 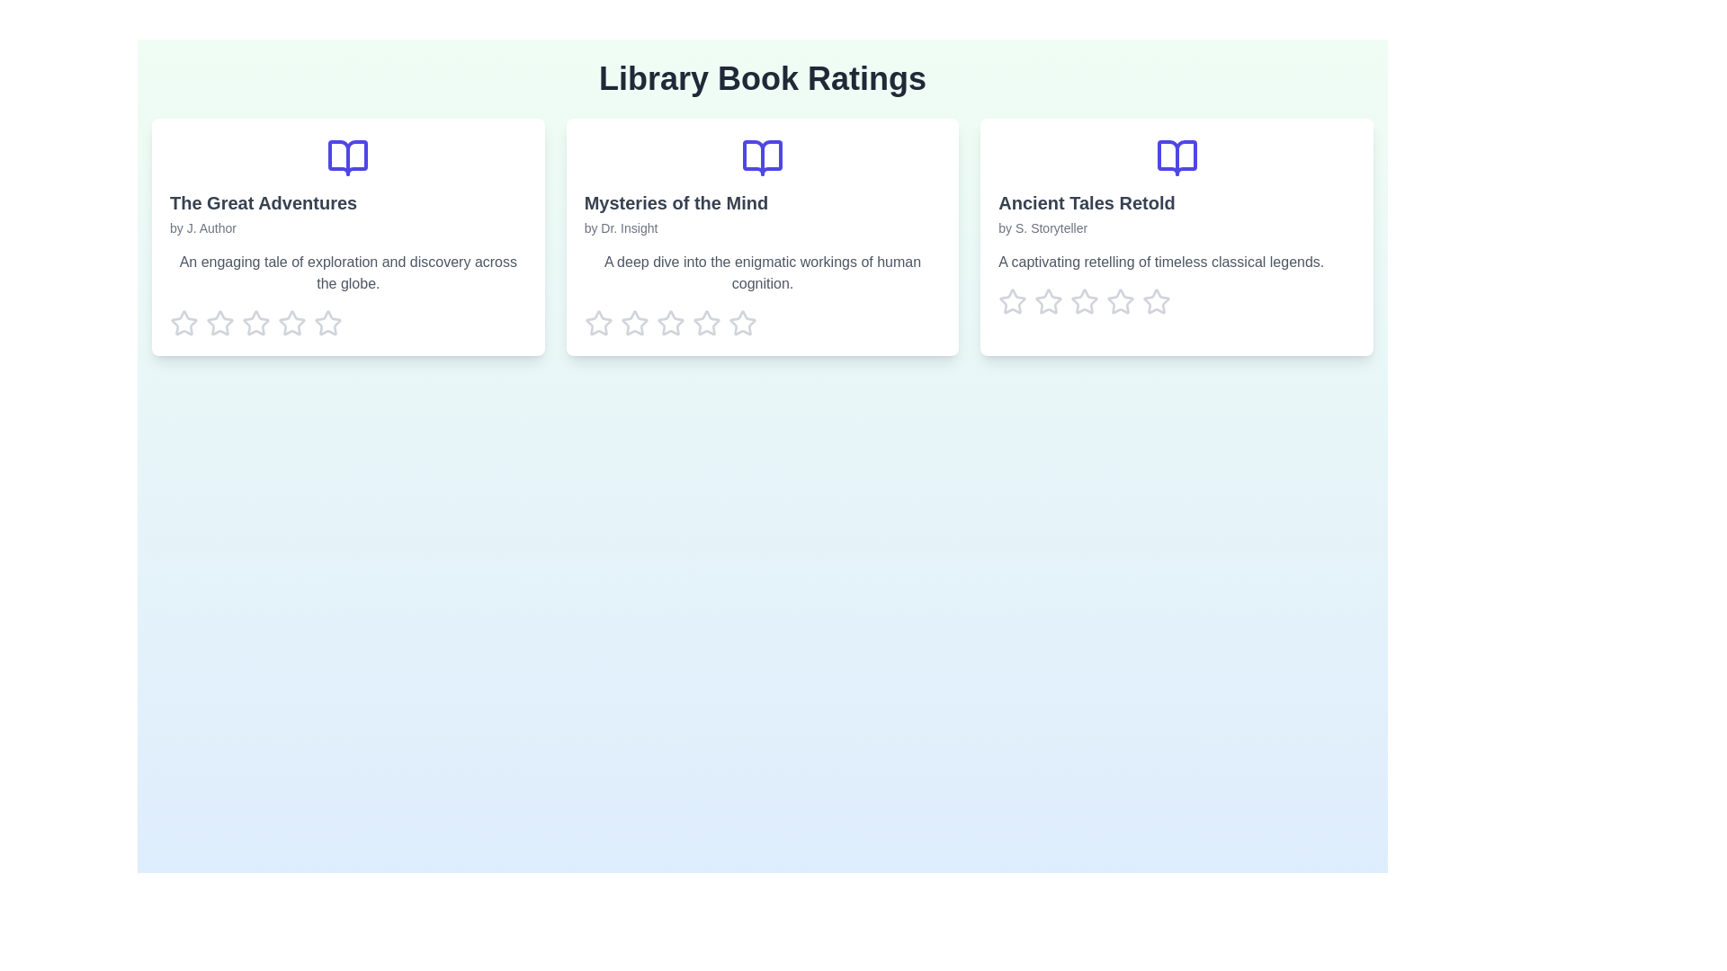 What do you see at coordinates (255, 322) in the screenshot?
I see `the rating for a book to 3 stars by clicking on the corresponding star` at bounding box center [255, 322].